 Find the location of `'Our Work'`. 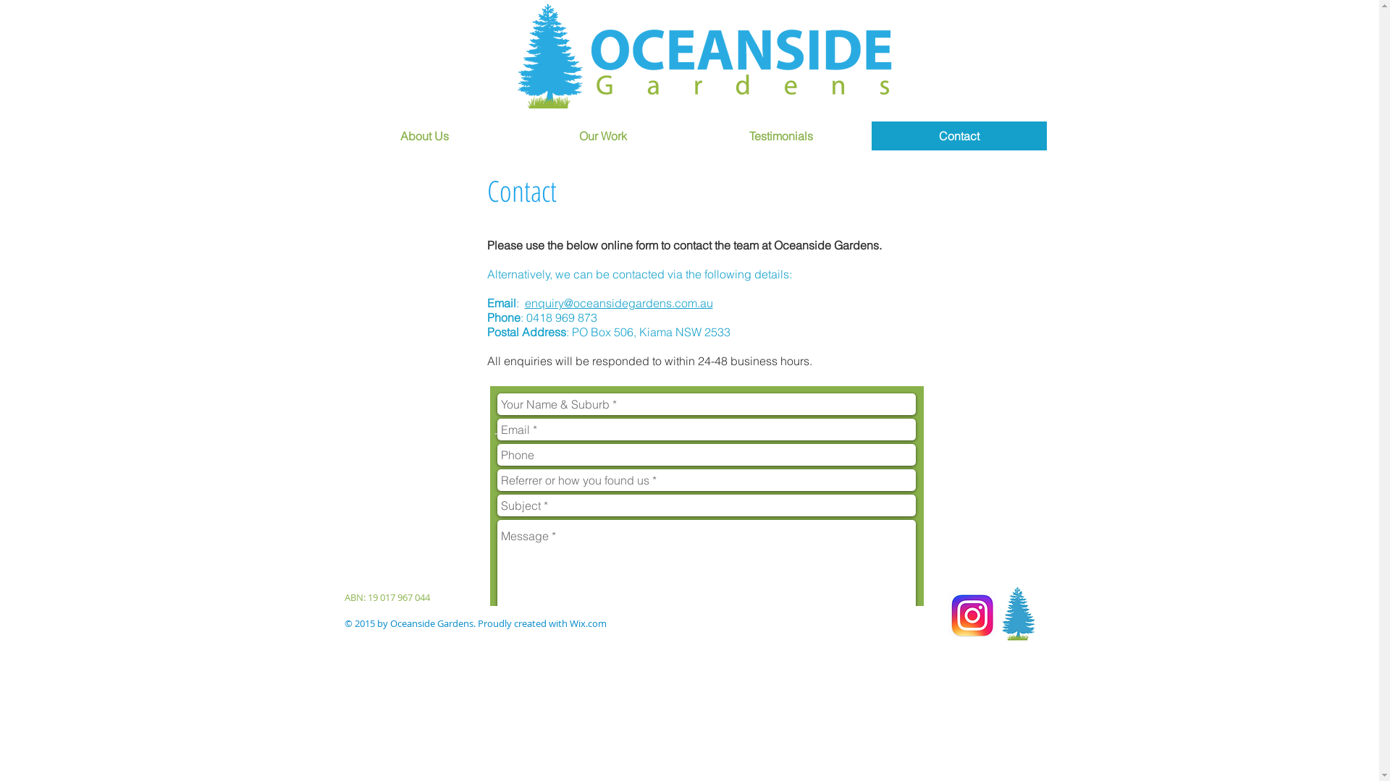

'Our Work' is located at coordinates (603, 136).